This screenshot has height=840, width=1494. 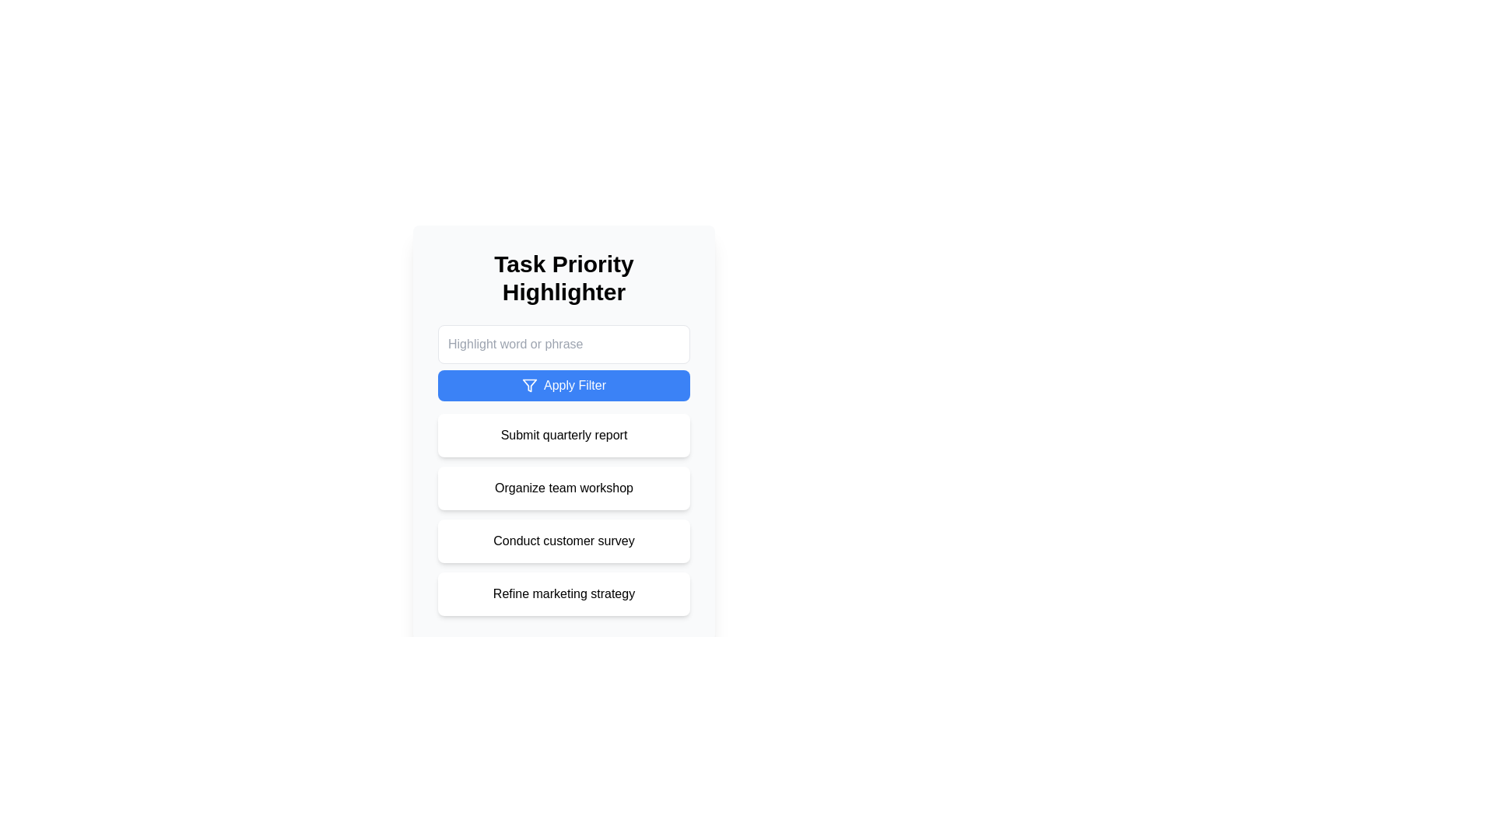 What do you see at coordinates (530, 385) in the screenshot?
I see `the blue funnel-shaped filter icon located to the left of the 'Apply Filter' button text` at bounding box center [530, 385].